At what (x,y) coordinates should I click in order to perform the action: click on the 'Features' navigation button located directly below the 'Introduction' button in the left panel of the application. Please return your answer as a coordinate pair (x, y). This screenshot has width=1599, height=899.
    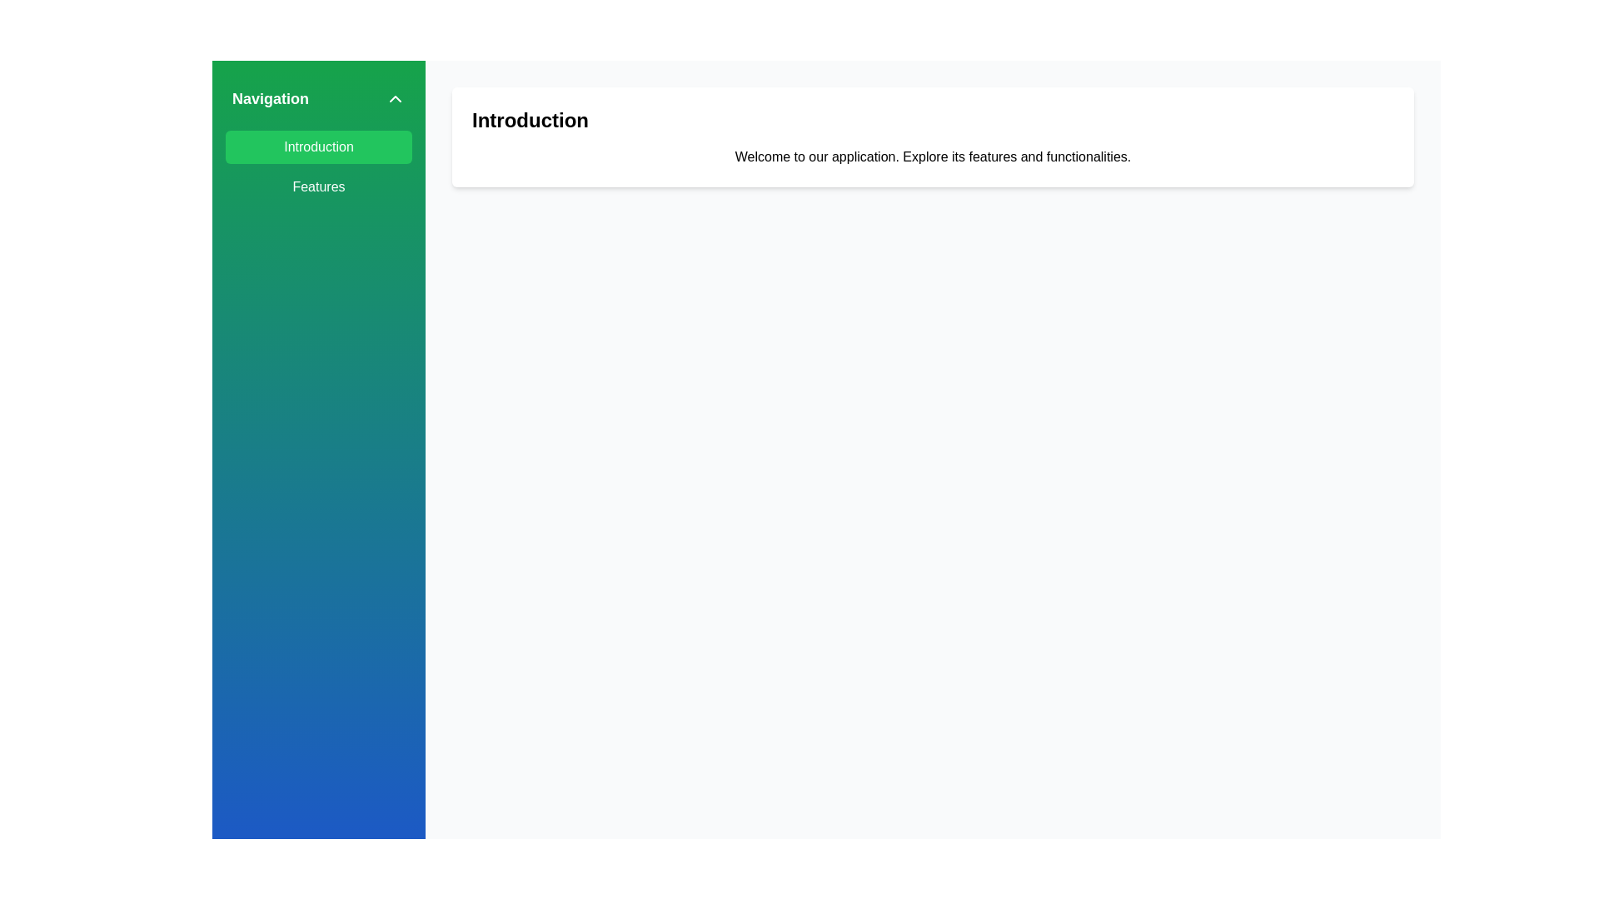
    Looking at the image, I should click on (319, 186).